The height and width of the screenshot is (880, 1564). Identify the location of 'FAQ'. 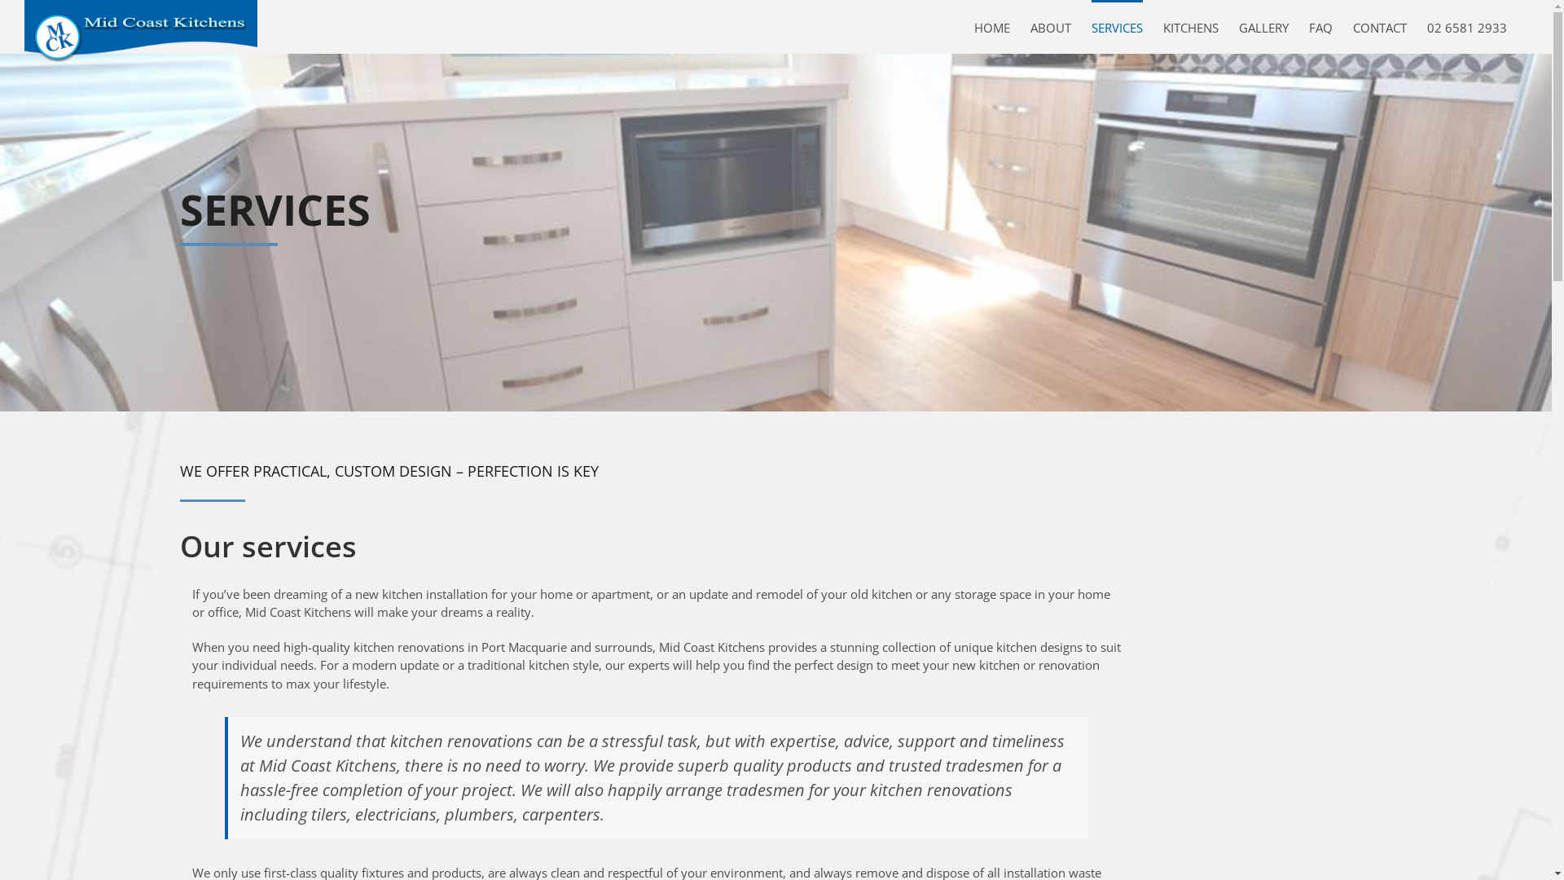
(1320, 27).